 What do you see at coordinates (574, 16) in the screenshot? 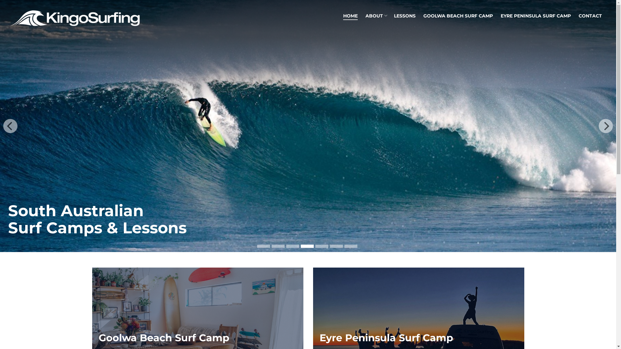
I see `'CONTACT'` at bounding box center [574, 16].